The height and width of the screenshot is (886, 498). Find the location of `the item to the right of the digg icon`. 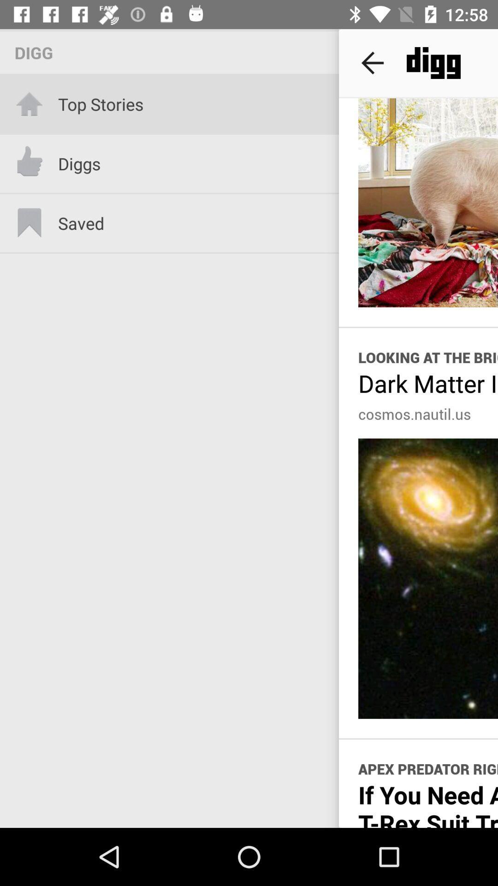

the item to the right of the digg icon is located at coordinates (372, 62).